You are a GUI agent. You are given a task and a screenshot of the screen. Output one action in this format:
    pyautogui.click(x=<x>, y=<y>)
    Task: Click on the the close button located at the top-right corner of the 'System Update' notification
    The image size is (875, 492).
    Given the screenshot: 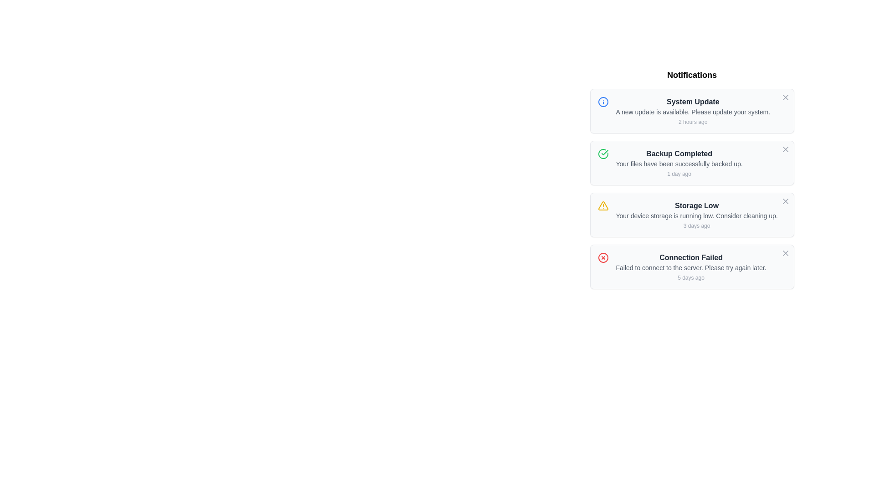 What is the action you would take?
    pyautogui.click(x=785, y=97)
    